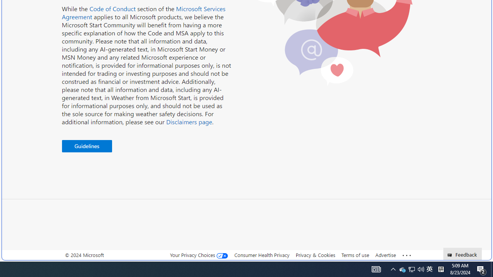 The height and width of the screenshot is (277, 493). I want to click on 'Terms of use', so click(355, 255).